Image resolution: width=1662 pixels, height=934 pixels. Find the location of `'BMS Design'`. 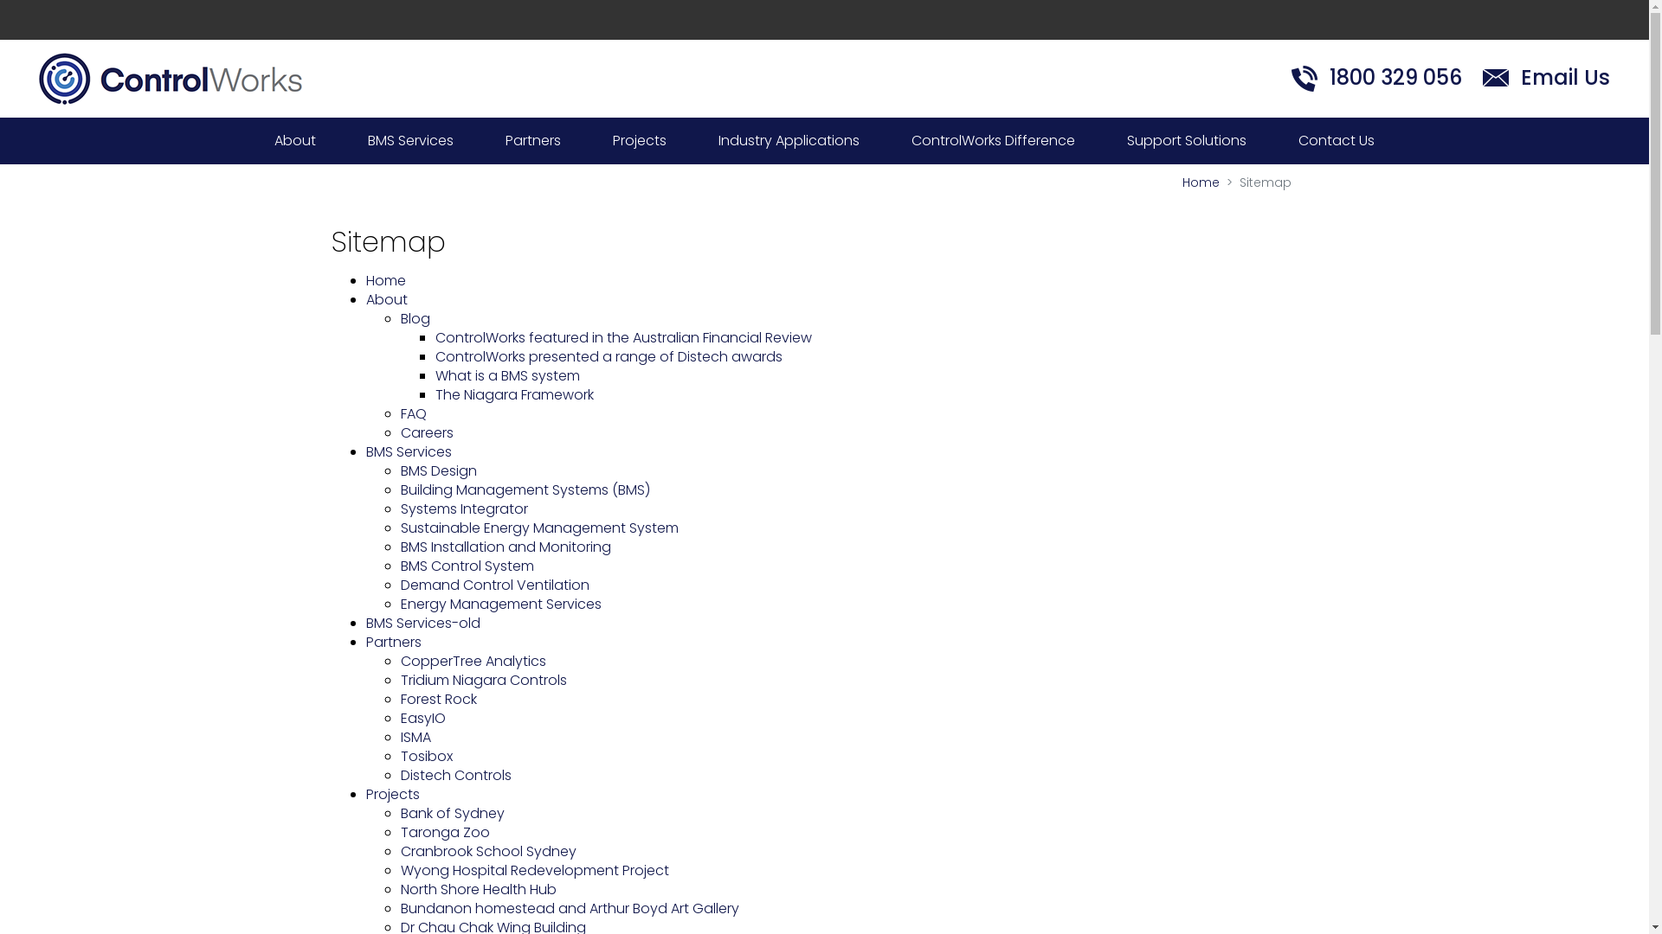

'BMS Design' is located at coordinates (437, 470).